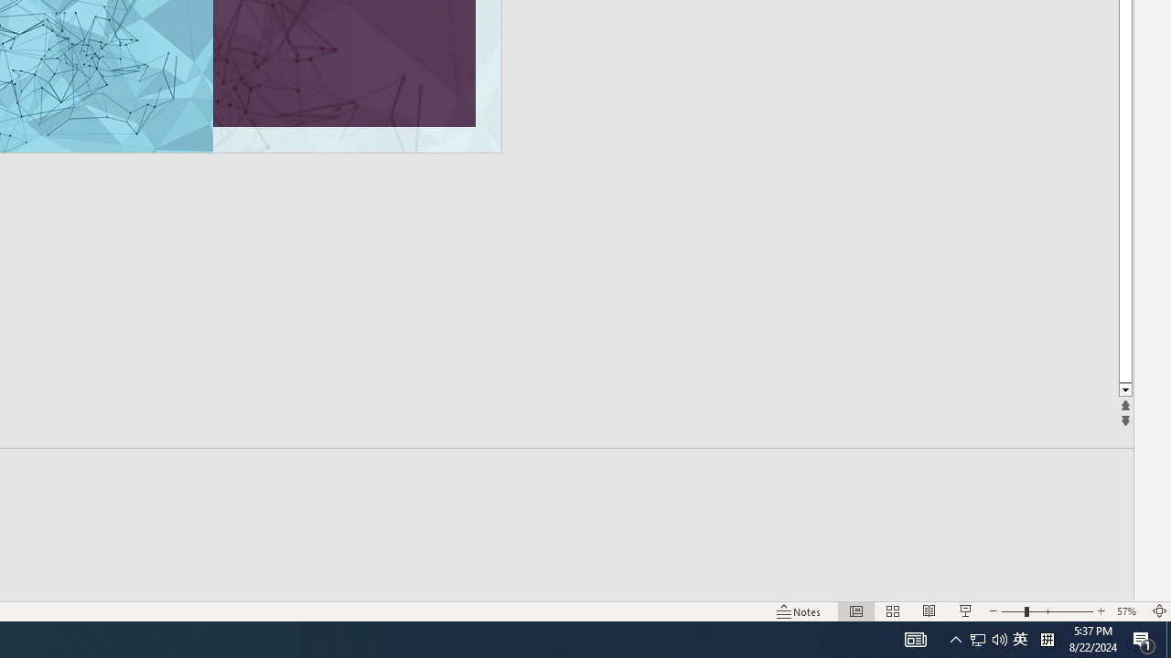  Describe the element at coordinates (1012, 611) in the screenshot. I see `'Zoom Out'` at that location.